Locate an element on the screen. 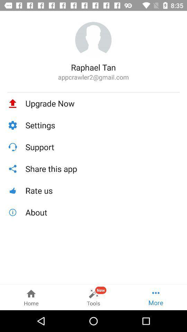 This screenshot has width=187, height=332. the upgrade now icon is located at coordinates (102, 103).